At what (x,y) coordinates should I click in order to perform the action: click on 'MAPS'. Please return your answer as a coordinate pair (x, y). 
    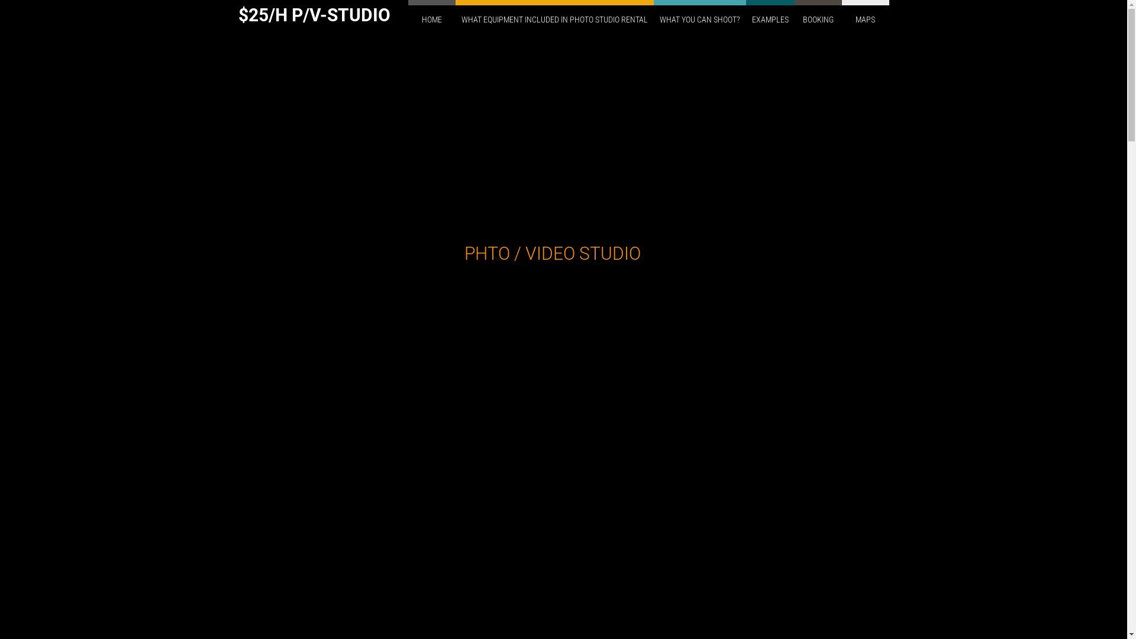
    Looking at the image, I should click on (865, 18).